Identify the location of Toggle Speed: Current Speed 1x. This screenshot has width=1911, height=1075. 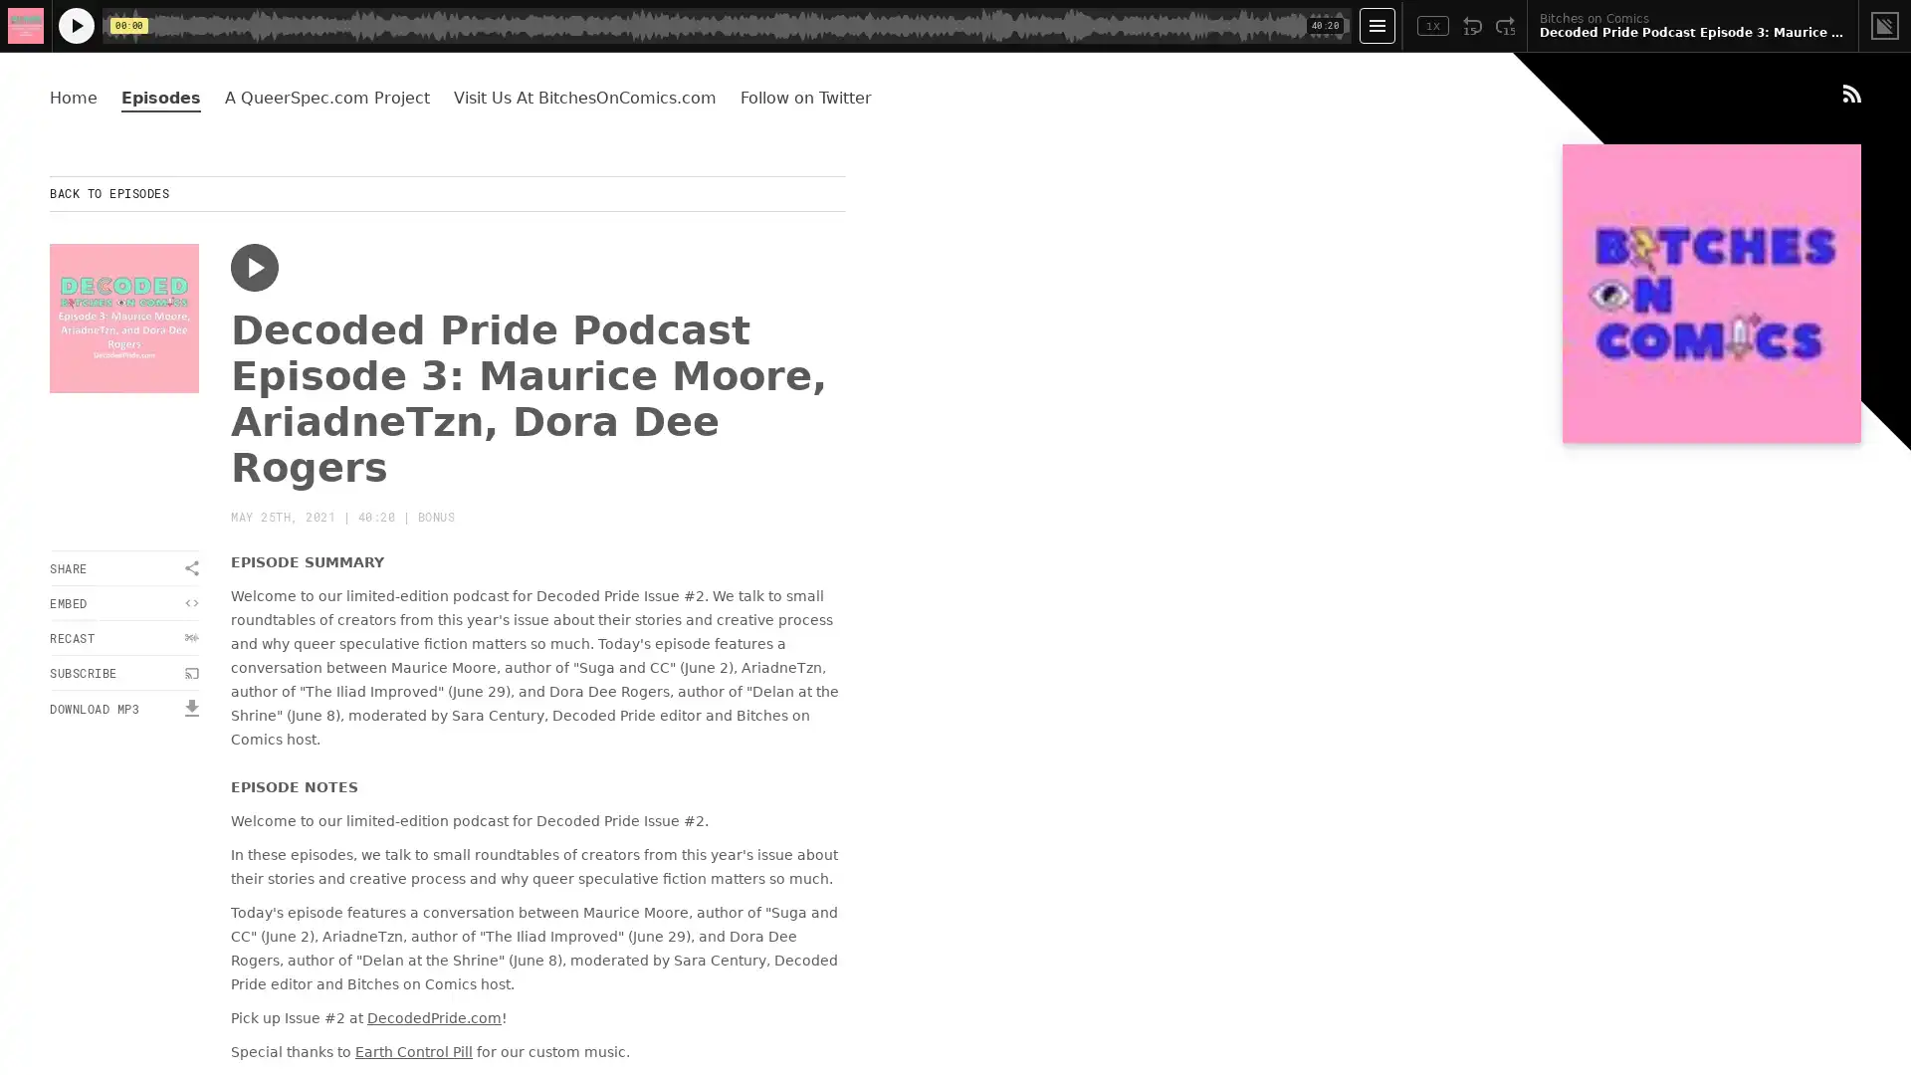
(1433, 26).